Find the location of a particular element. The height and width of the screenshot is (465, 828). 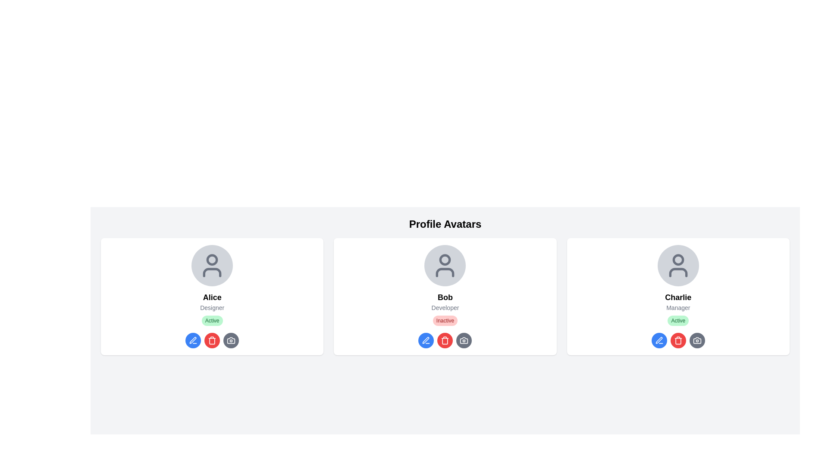

the static text label displaying 'Designer', which is visually aligned below the bold name 'Alice' and above the green badge labeled 'Active' is located at coordinates (212, 307).